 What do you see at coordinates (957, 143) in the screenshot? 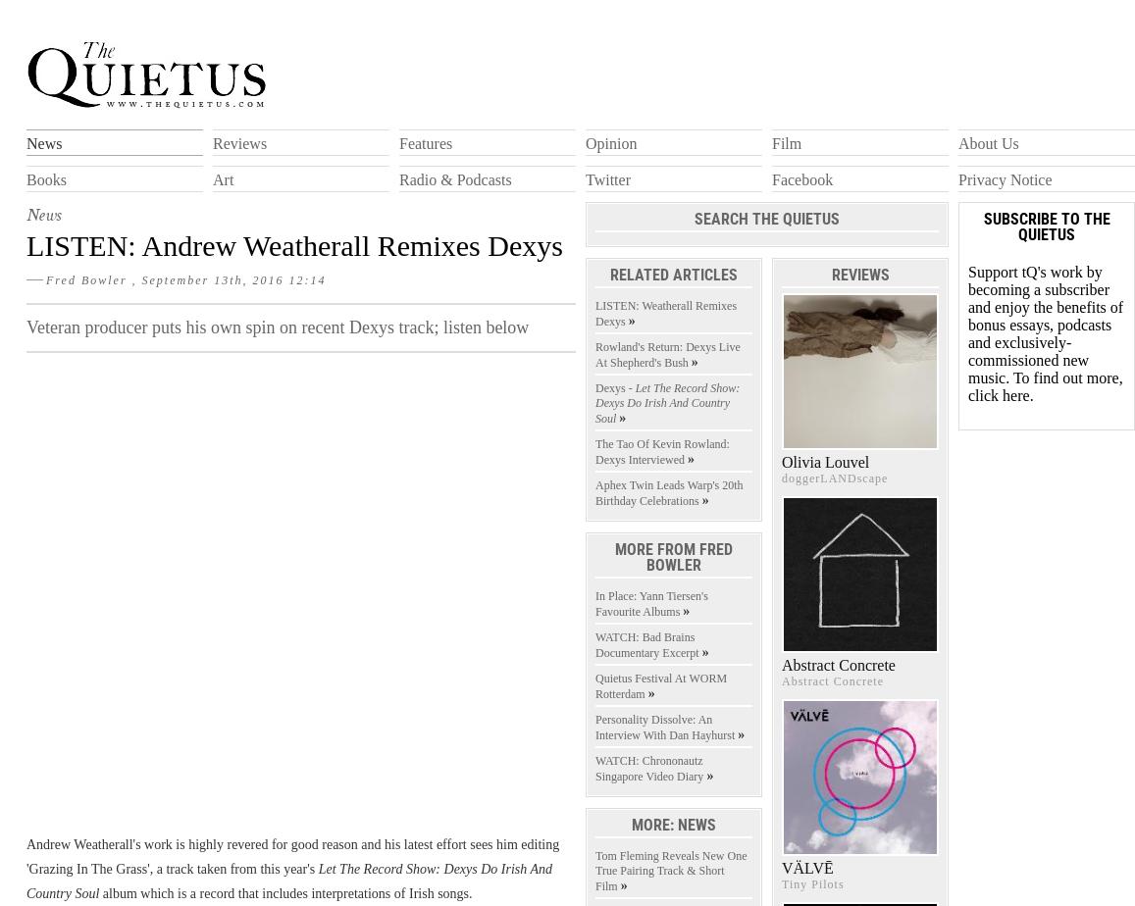
I see `'About Us'` at bounding box center [957, 143].